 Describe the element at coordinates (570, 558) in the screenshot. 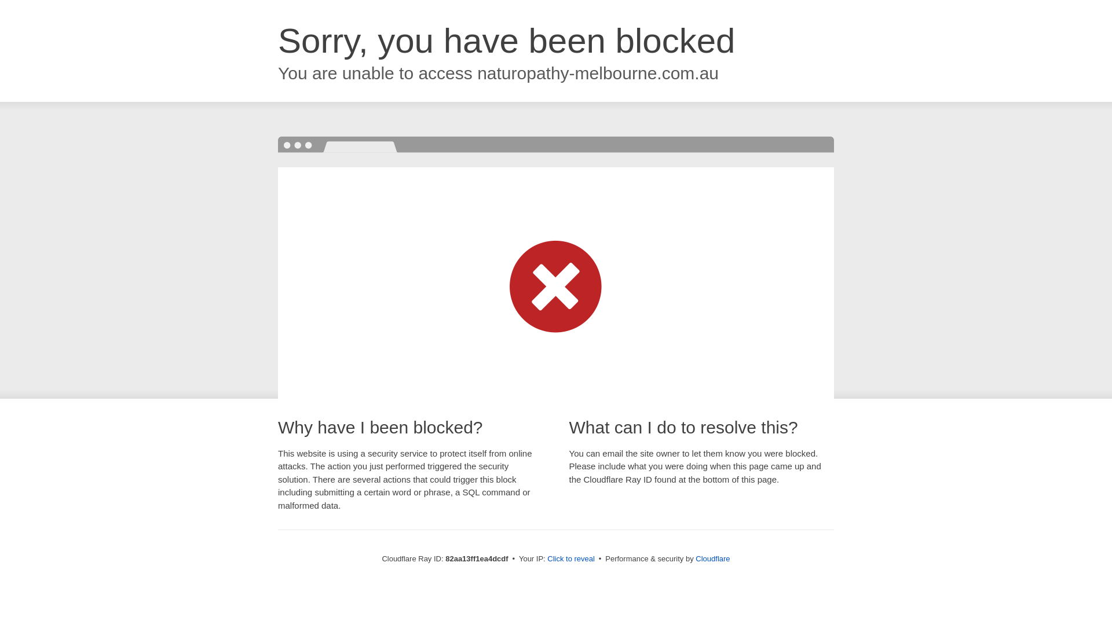

I see `'Click to reveal'` at that location.